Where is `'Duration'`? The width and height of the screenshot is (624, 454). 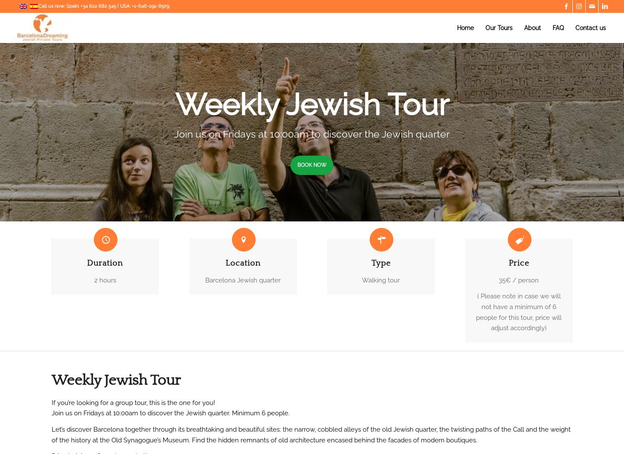 'Duration' is located at coordinates (105, 263).